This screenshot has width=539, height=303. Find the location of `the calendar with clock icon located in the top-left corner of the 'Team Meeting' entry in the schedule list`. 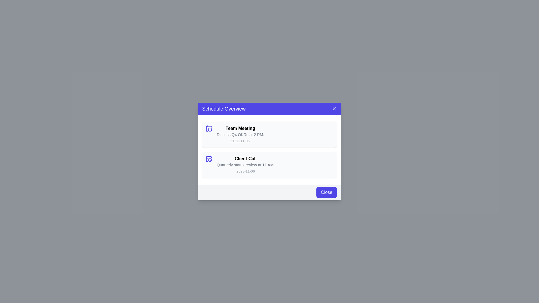

the calendar with clock icon located in the top-left corner of the 'Team Meeting' entry in the schedule list is located at coordinates (209, 128).